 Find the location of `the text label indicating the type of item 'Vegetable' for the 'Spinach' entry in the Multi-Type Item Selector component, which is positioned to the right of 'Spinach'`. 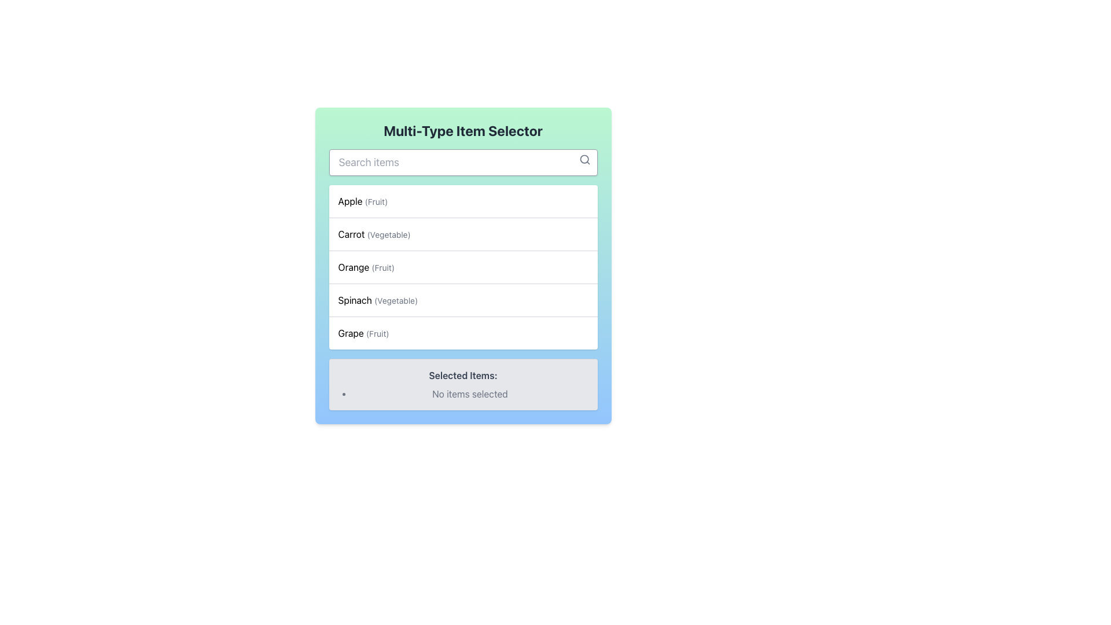

the text label indicating the type of item 'Vegetable' for the 'Spinach' entry in the Multi-Type Item Selector component, which is positioned to the right of 'Spinach' is located at coordinates (396, 300).